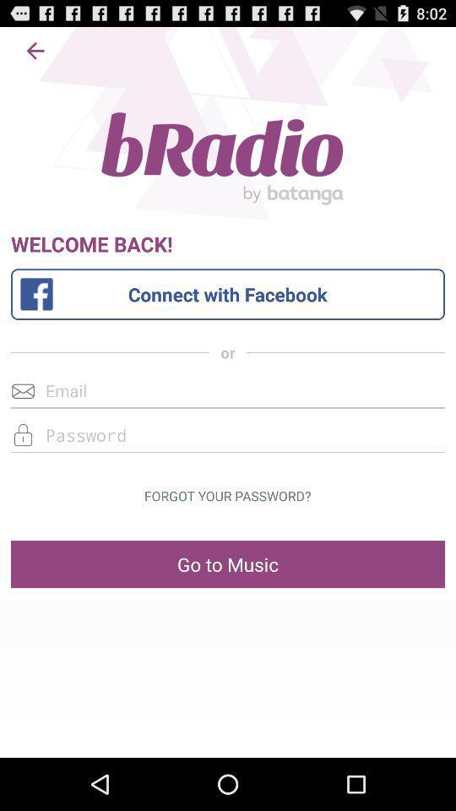 This screenshot has height=811, width=456. What do you see at coordinates (228, 294) in the screenshot?
I see `the item below the welcome back!` at bounding box center [228, 294].